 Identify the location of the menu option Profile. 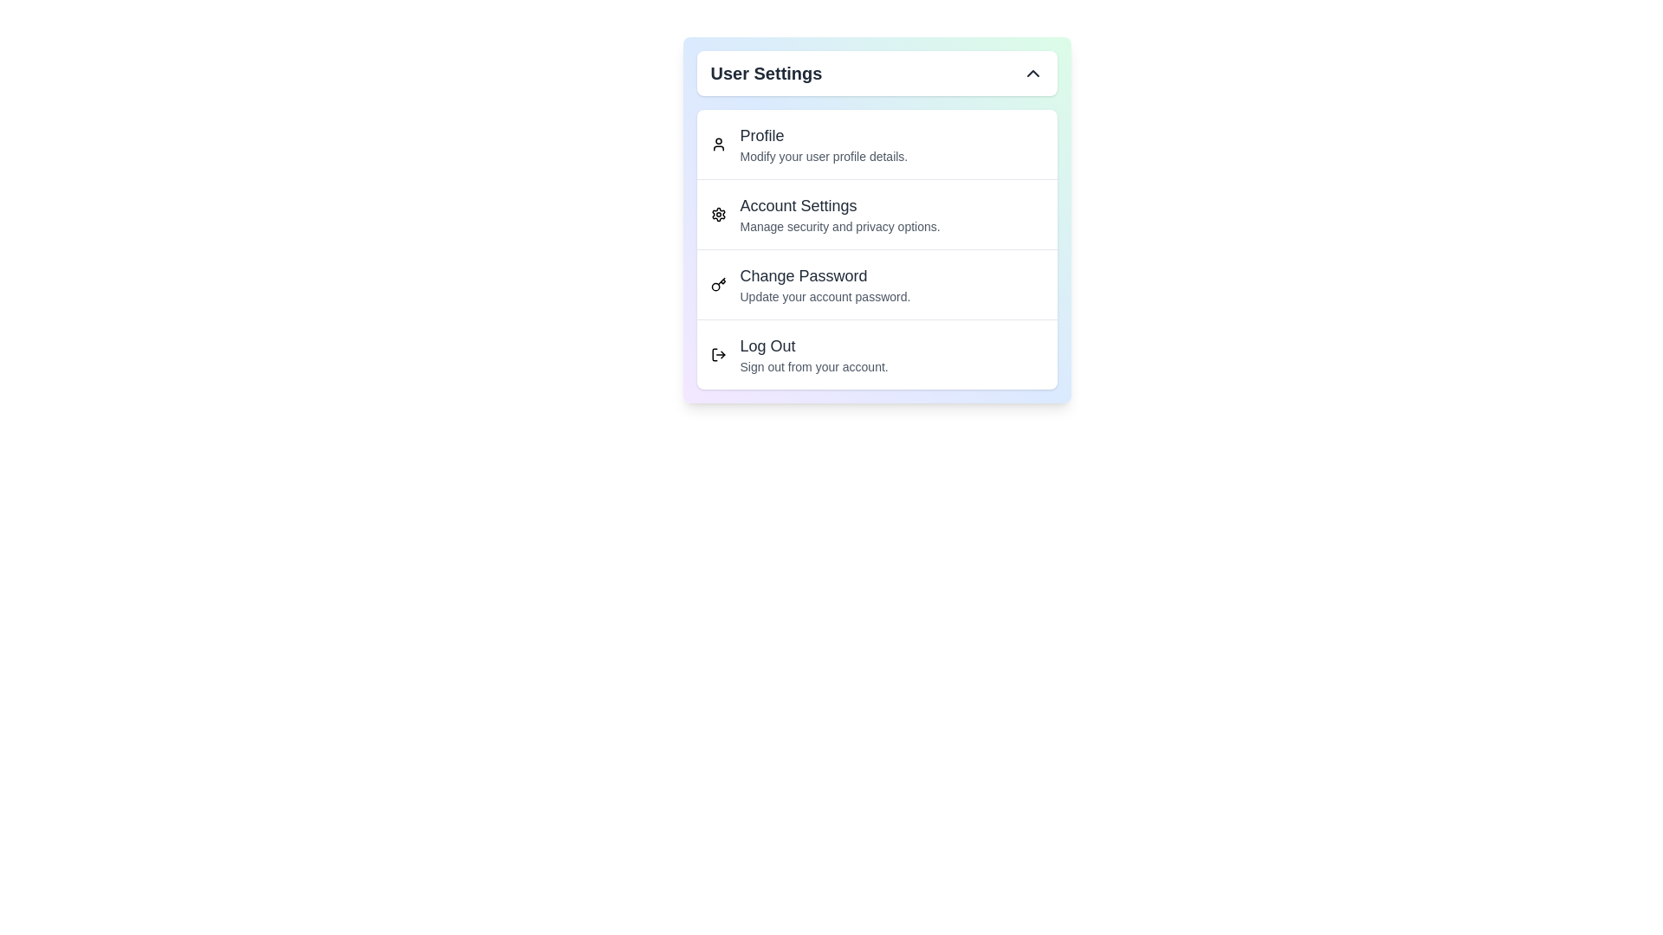
(877, 143).